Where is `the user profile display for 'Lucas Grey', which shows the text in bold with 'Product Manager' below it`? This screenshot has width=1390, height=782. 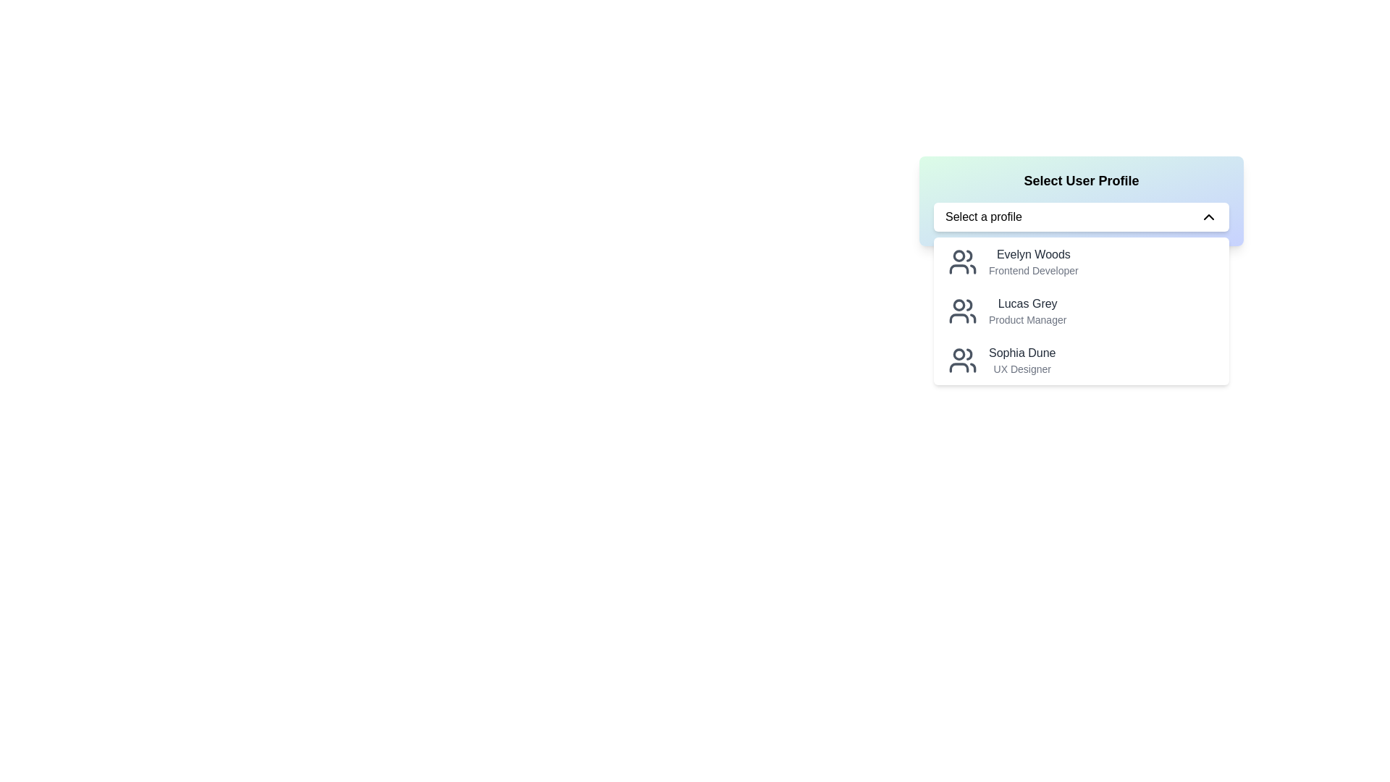 the user profile display for 'Lucas Grey', which shows the text in bold with 'Product Manager' below it is located at coordinates (1027, 310).